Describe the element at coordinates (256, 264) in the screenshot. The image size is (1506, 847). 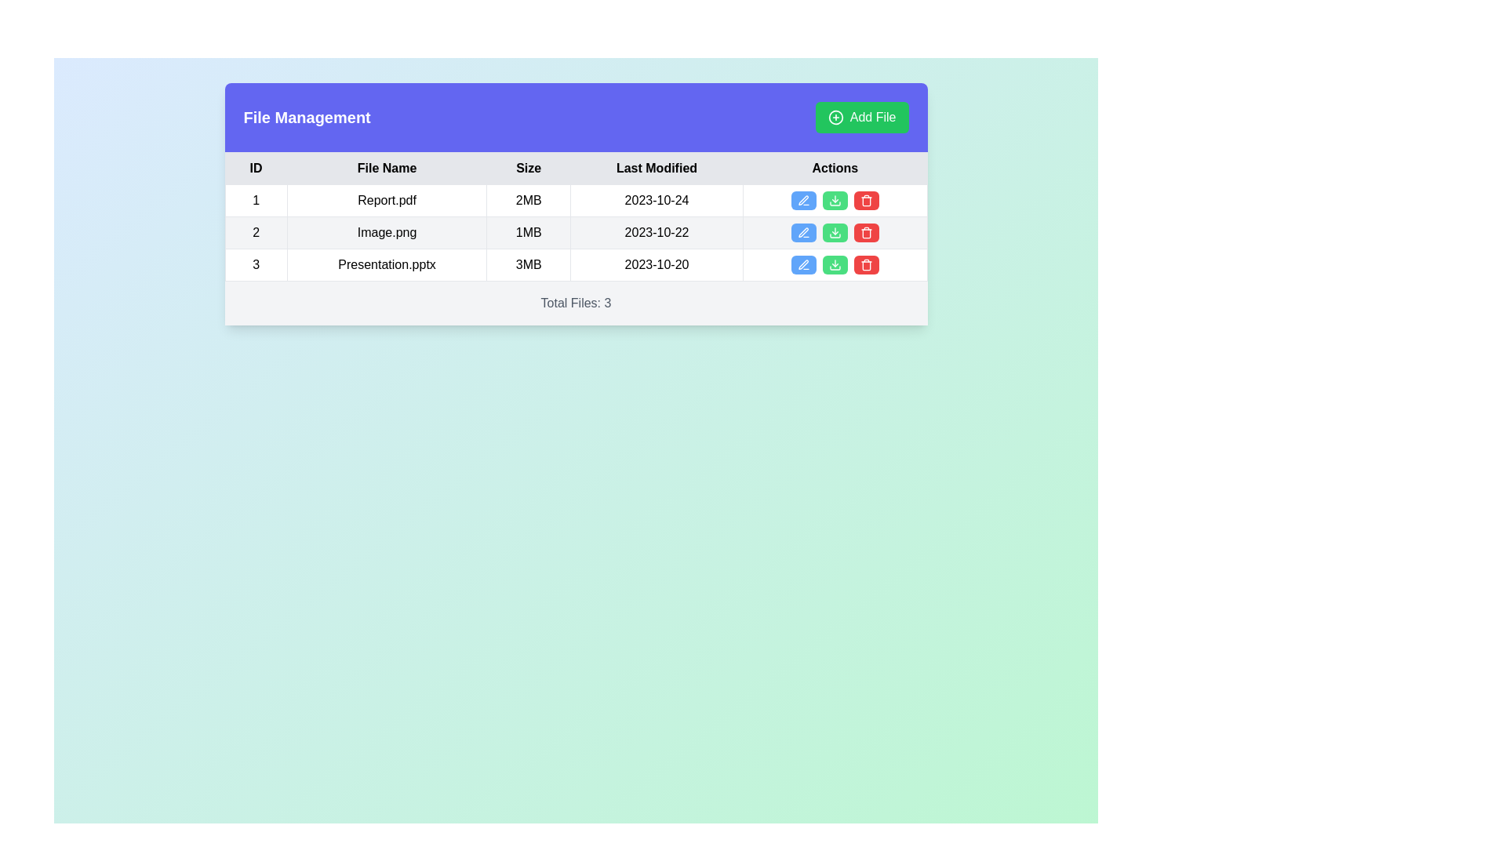
I see `the table cell containing the number '3', which is located in the first column of the last row under the 'ID' column header` at that location.